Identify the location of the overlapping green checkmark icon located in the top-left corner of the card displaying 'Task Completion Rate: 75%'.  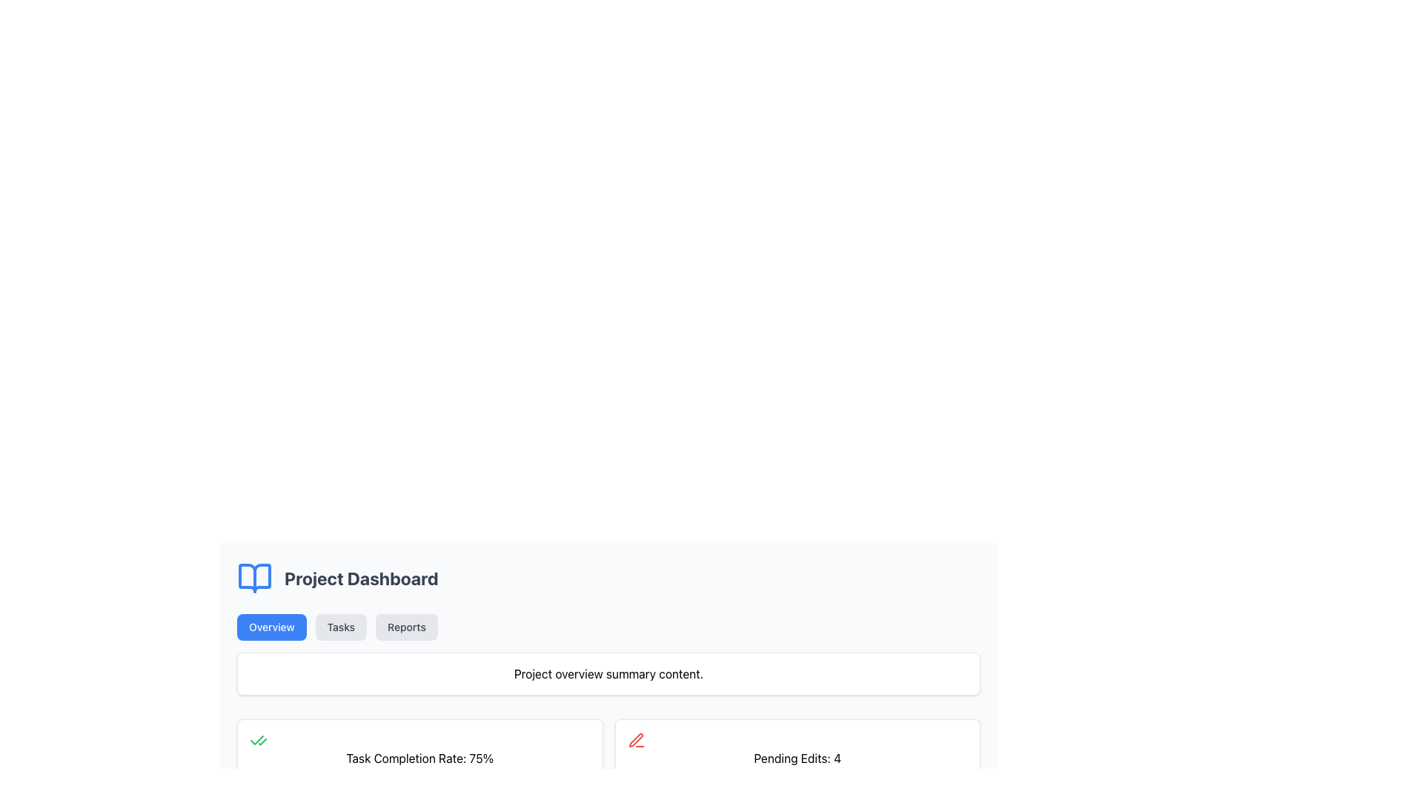
(259, 740).